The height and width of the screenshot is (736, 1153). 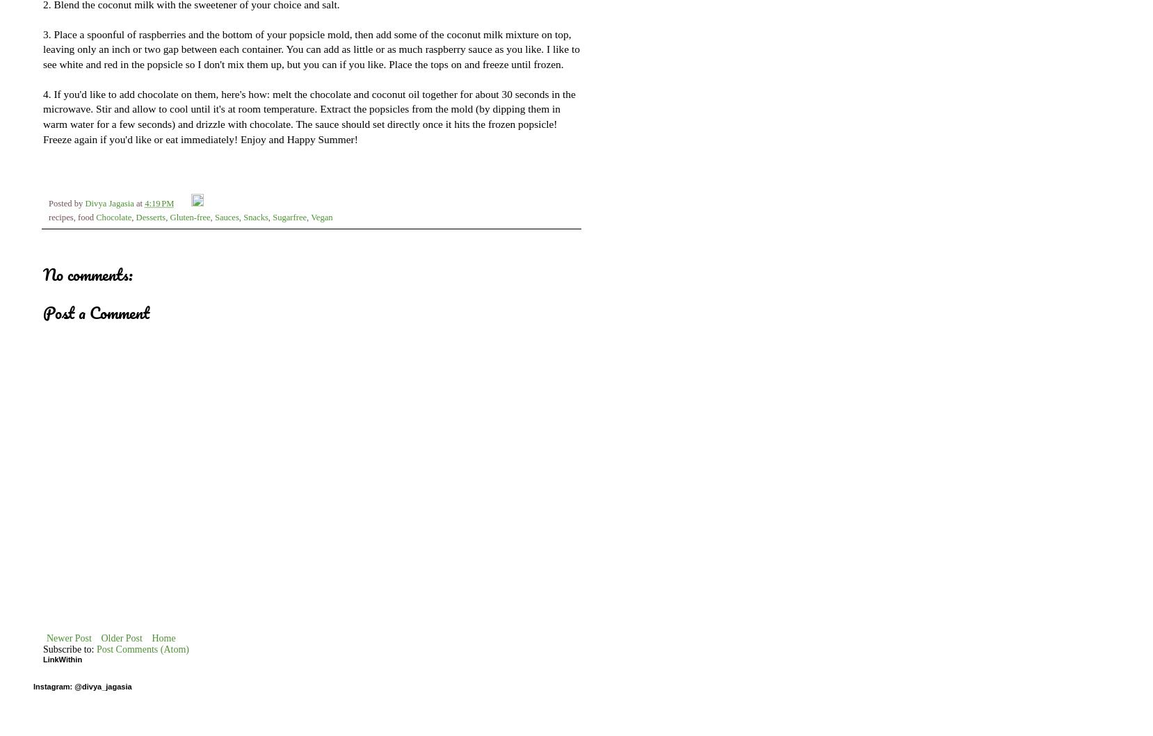 I want to click on 'Sauces', so click(x=213, y=218).